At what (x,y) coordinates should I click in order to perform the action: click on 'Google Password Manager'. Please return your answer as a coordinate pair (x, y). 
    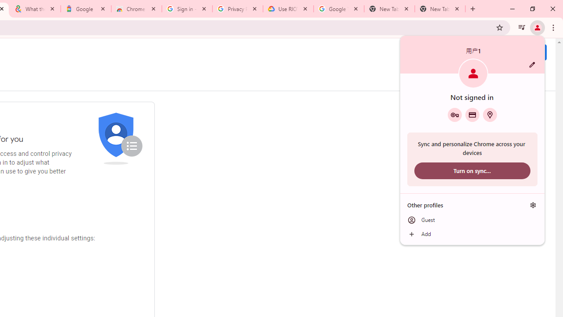
    Looking at the image, I should click on (454, 114).